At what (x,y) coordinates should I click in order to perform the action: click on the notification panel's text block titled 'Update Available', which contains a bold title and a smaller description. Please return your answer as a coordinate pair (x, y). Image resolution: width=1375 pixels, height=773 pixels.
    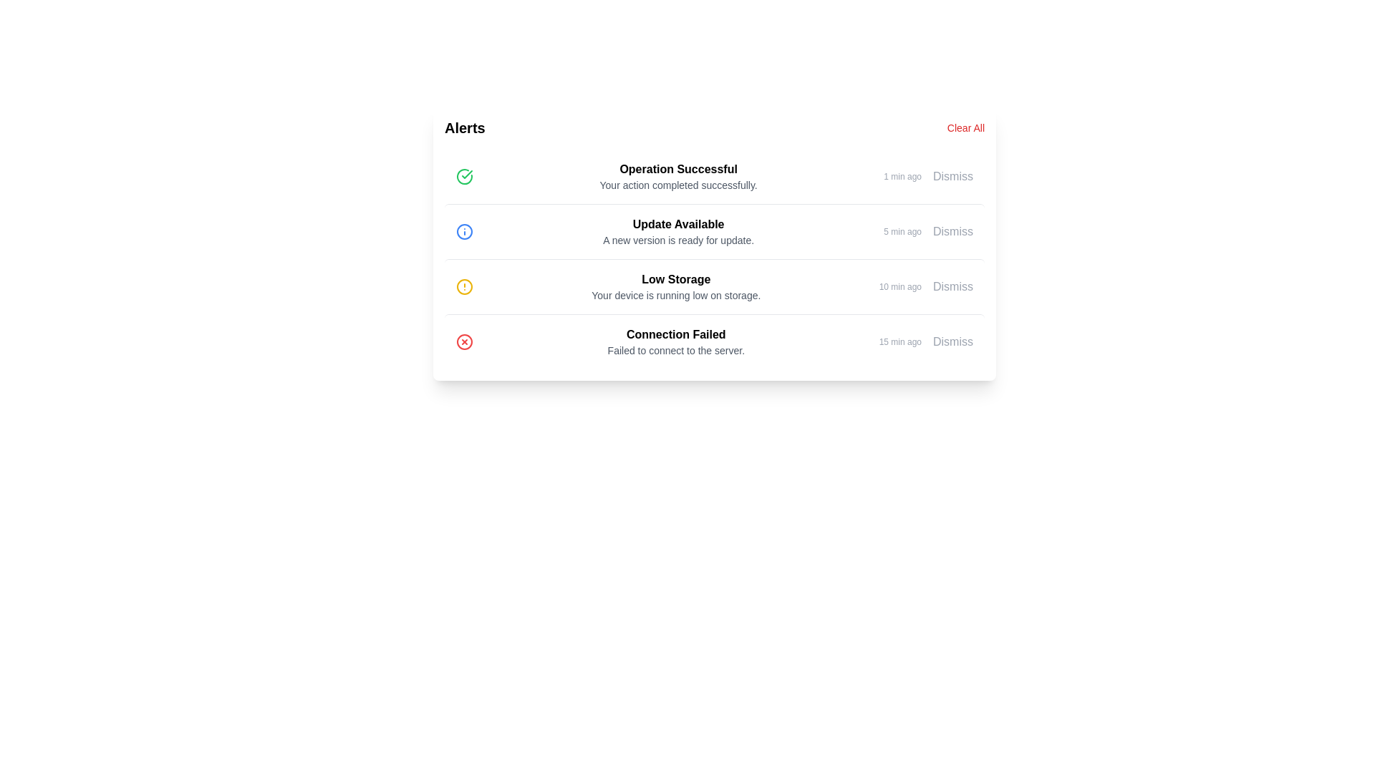
    Looking at the image, I should click on (677, 231).